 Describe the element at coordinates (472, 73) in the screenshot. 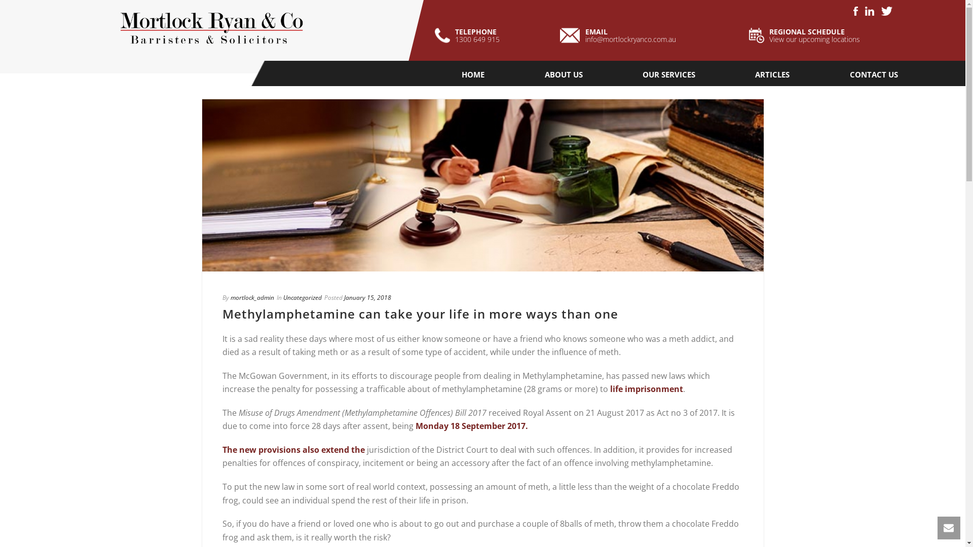

I see `'HOME'` at that location.